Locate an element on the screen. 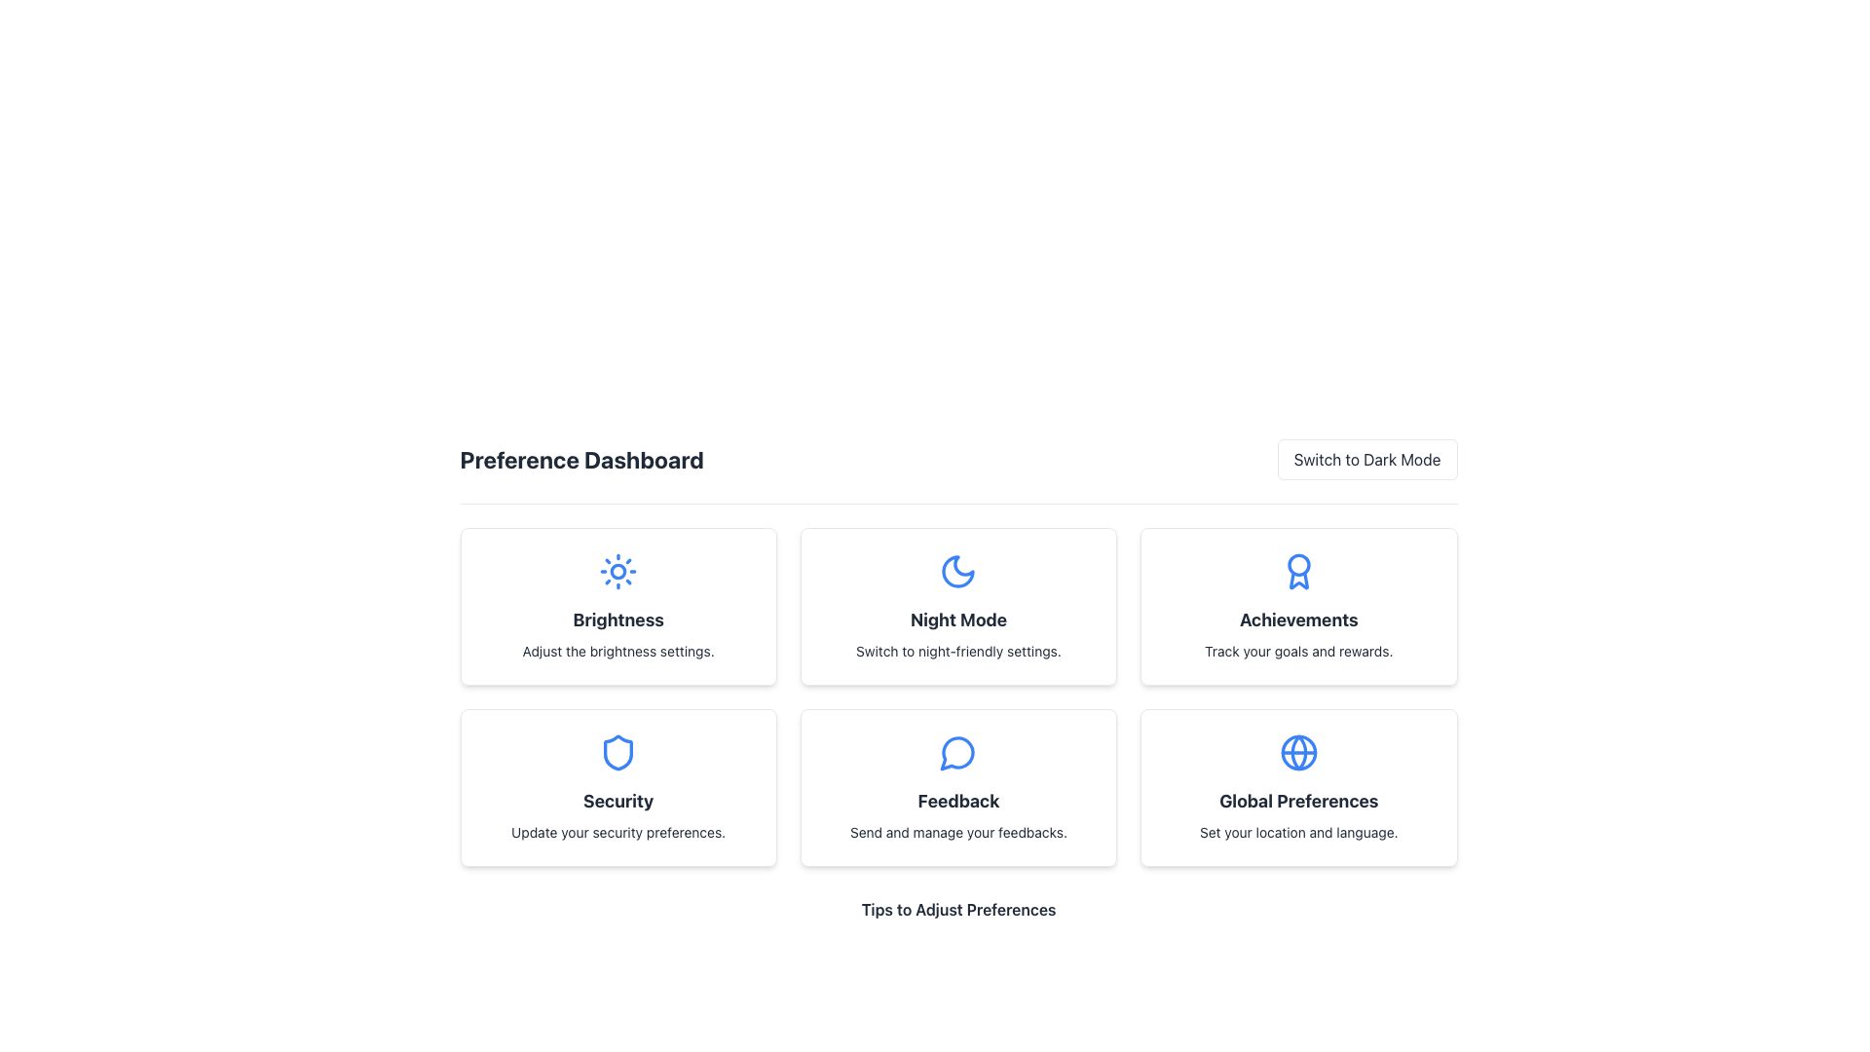 This screenshot has height=1052, width=1870. the text element displaying 'Tips to Adjust Preferences', which is centrally positioned below the preference tiles and above the list of tips is located at coordinates (958, 909).